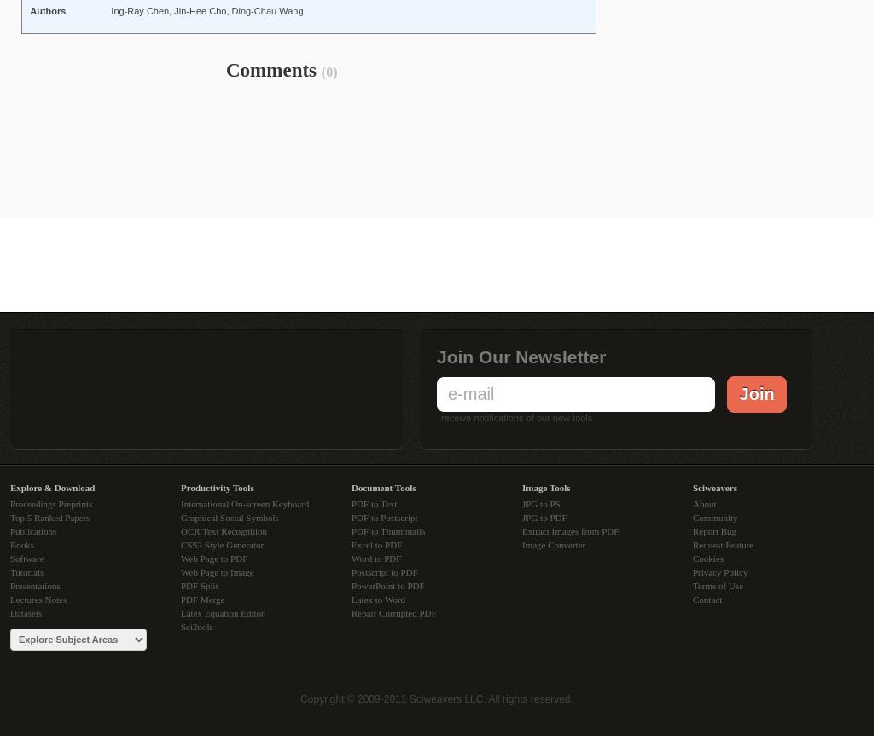 The image size is (884, 736). Describe the element at coordinates (720, 571) in the screenshot. I see `'Privacy Policy'` at that location.